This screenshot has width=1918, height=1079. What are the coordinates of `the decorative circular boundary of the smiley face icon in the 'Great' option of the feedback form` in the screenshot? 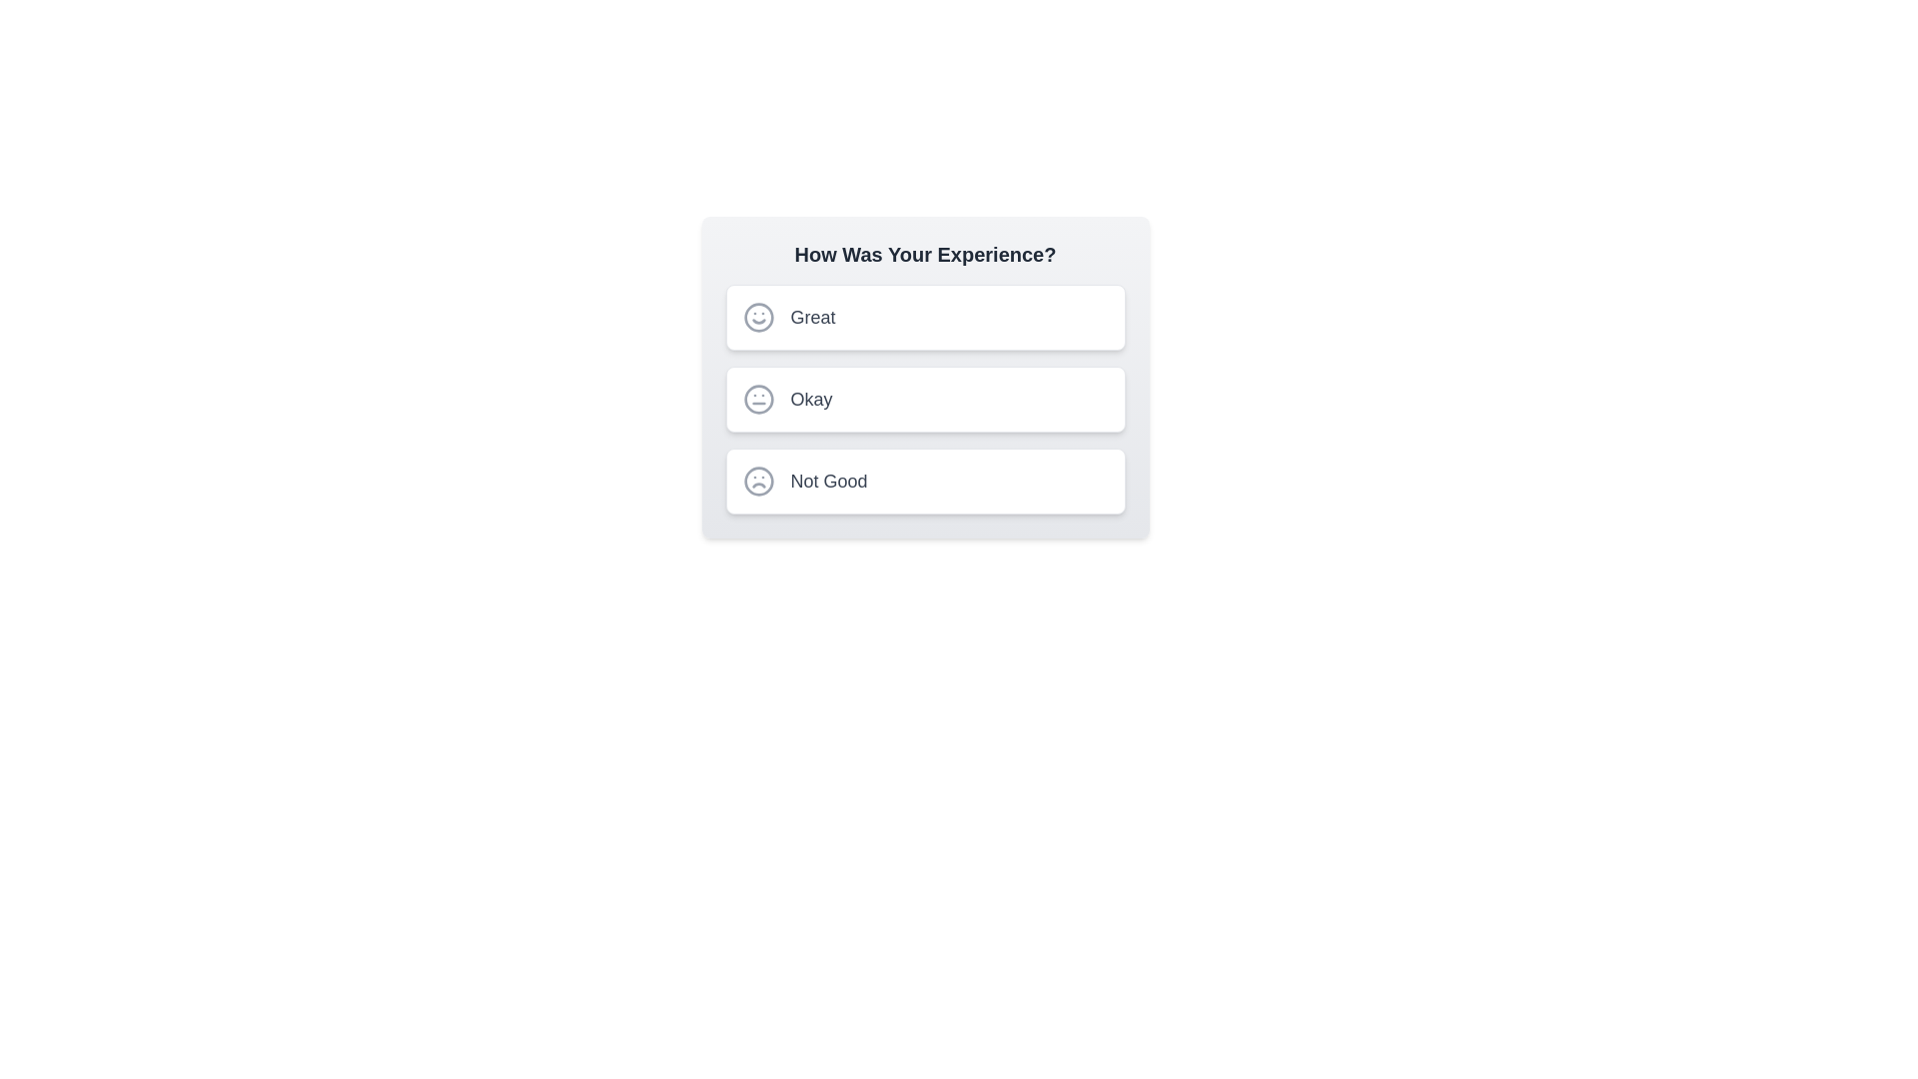 It's located at (757, 316).